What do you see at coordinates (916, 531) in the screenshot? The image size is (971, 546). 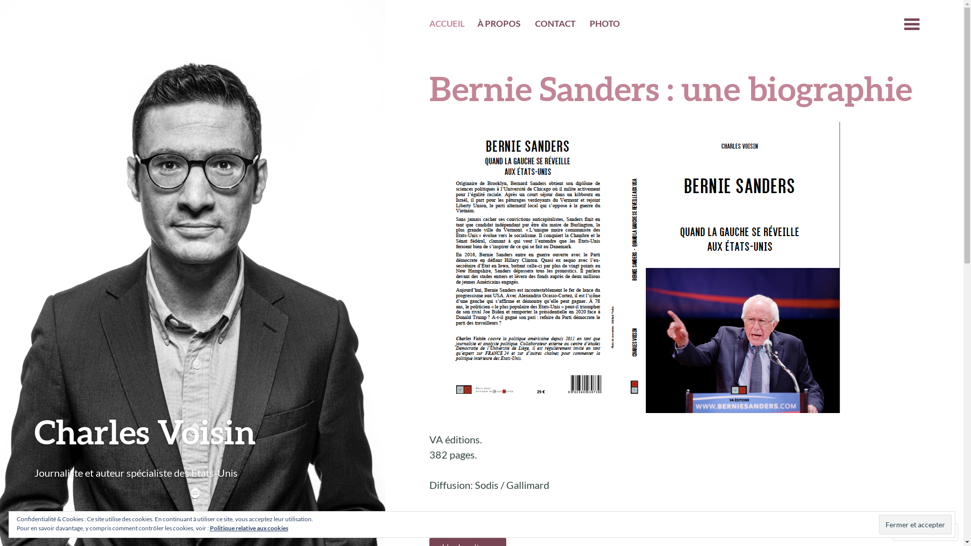 I see `'Suivre'` at bounding box center [916, 531].